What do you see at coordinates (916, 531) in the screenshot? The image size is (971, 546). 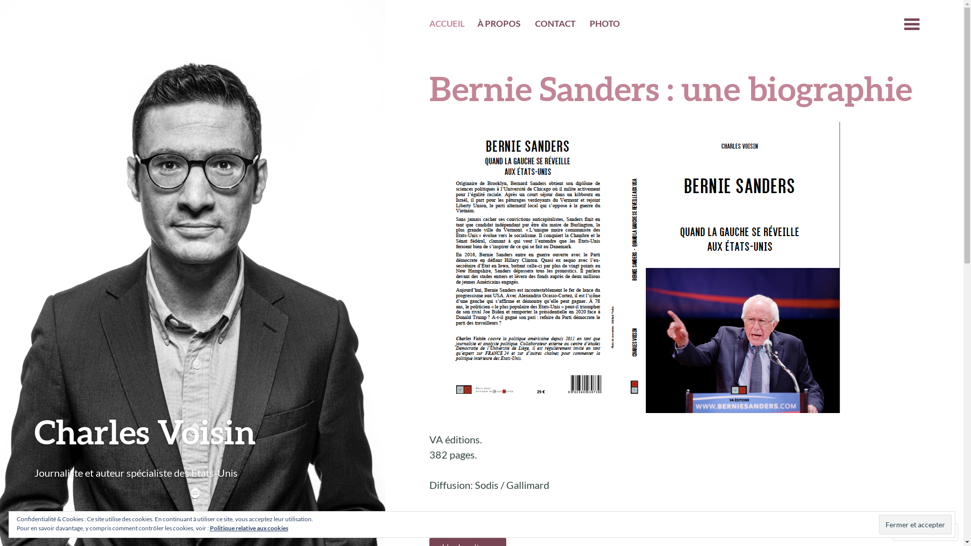 I see `'Suivre'` at bounding box center [916, 531].